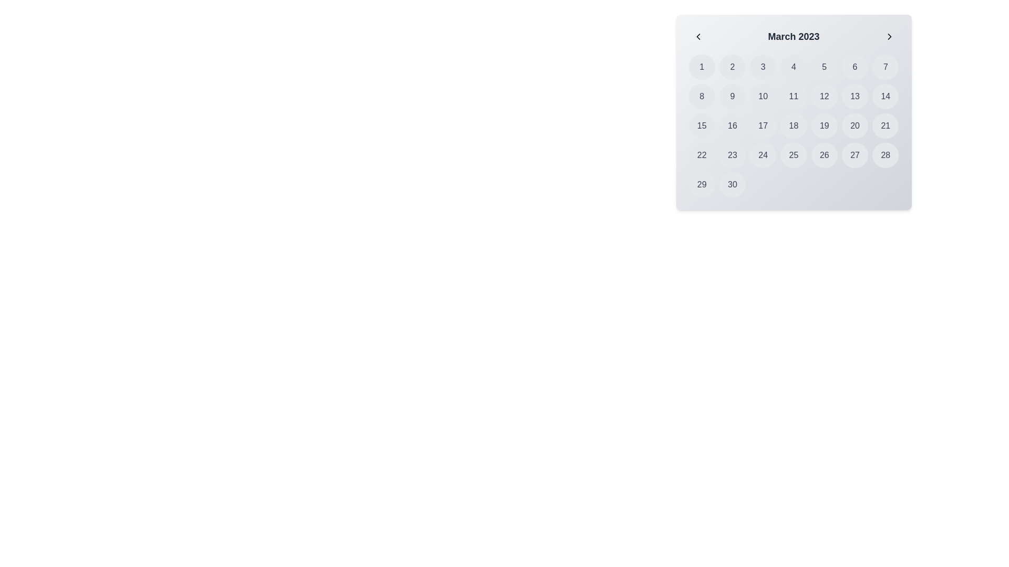 Image resolution: width=1009 pixels, height=567 pixels. What do you see at coordinates (889, 36) in the screenshot?
I see `the small circular button with a chevron-right icon in the top-right corner of the date selection panel` at bounding box center [889, 36].